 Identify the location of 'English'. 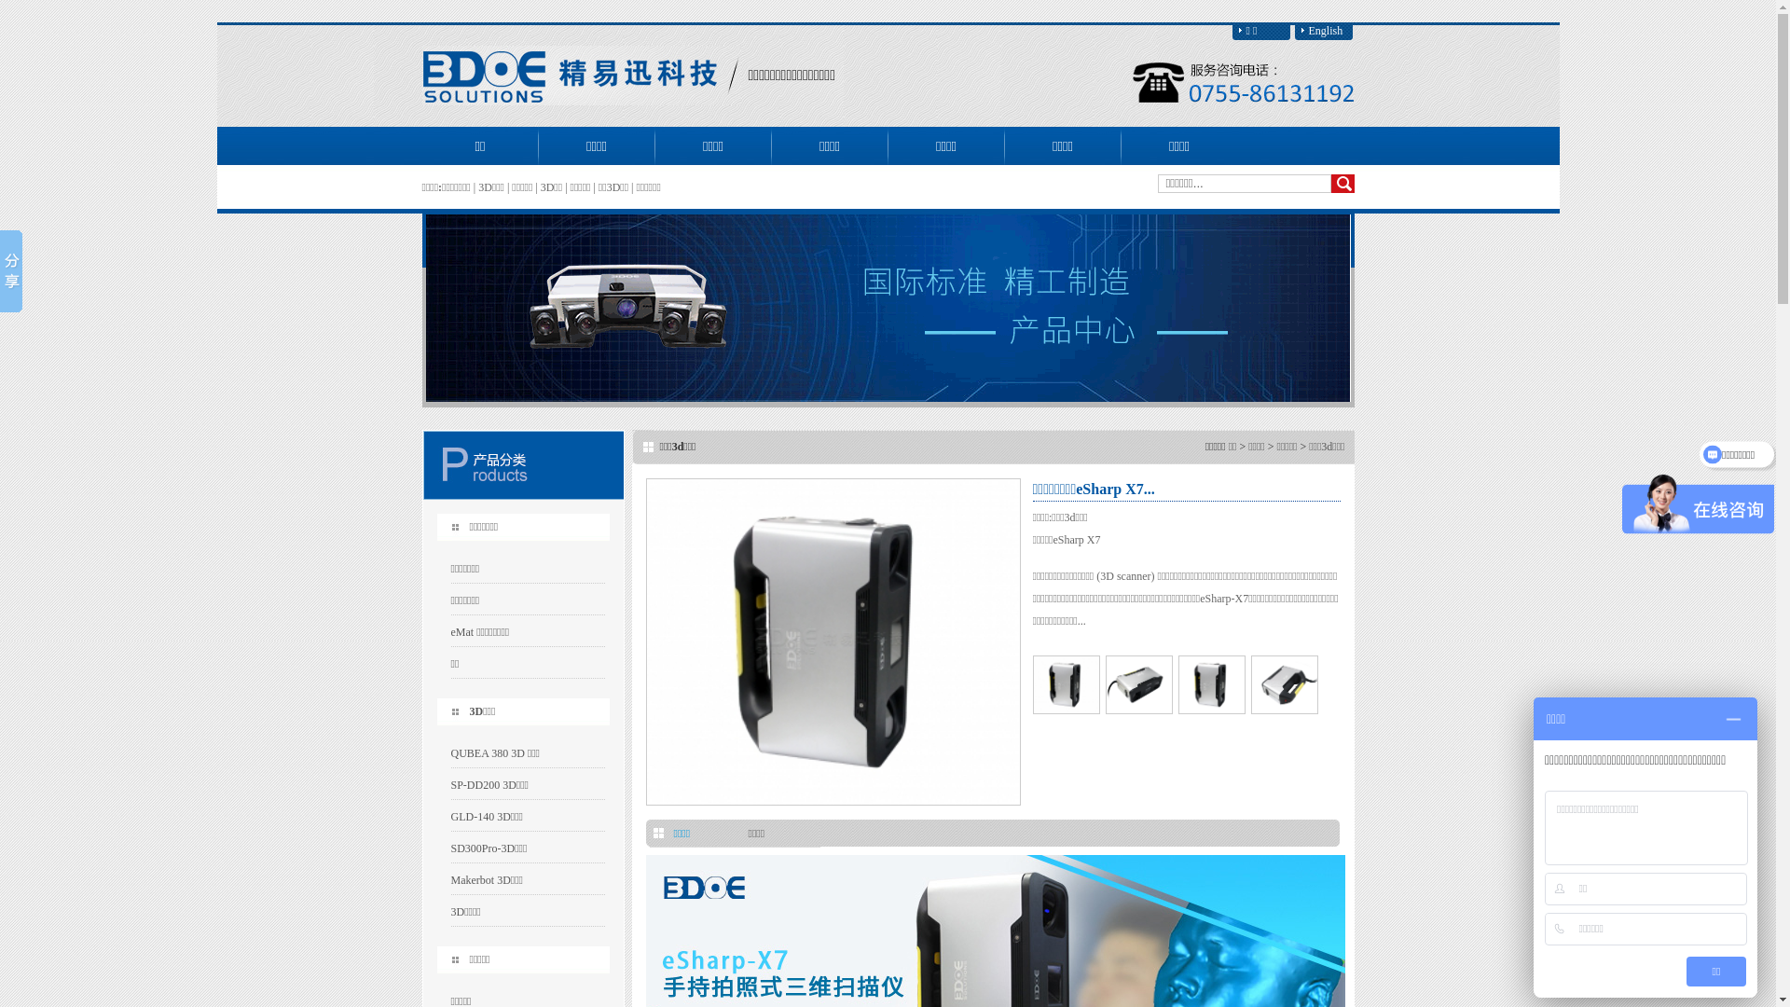
(1292, 31).